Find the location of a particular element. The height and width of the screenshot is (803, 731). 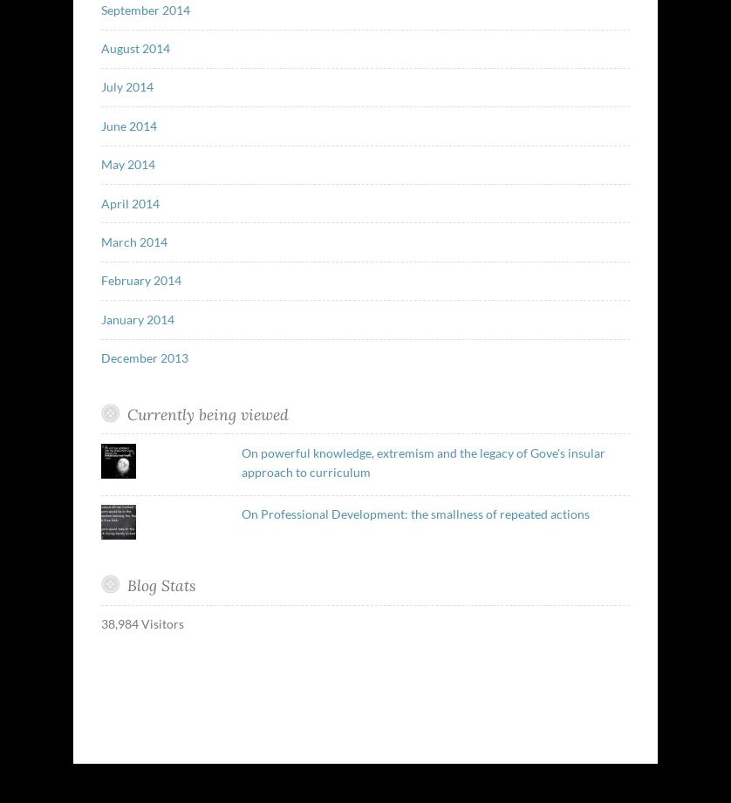

'January 2014' is located at coordinates (137, 318).